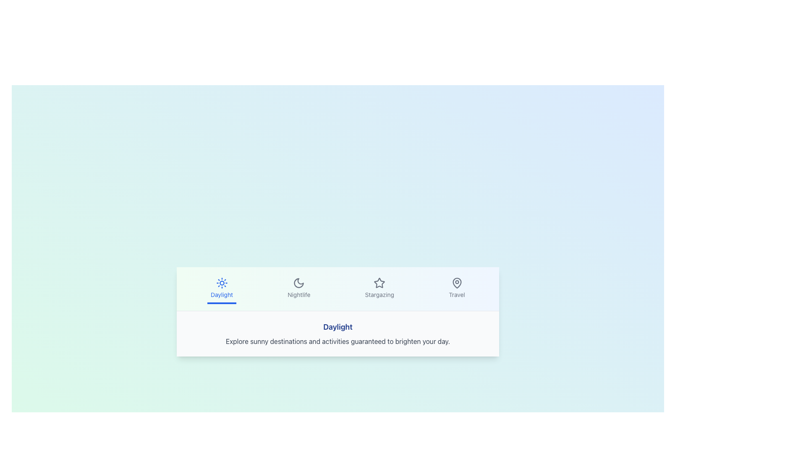  I want to click on the text label displaying 'Travel', which is located under a map pin icon and is positioned at the far right of a horizontal layout of buttons, so click(456, 294).